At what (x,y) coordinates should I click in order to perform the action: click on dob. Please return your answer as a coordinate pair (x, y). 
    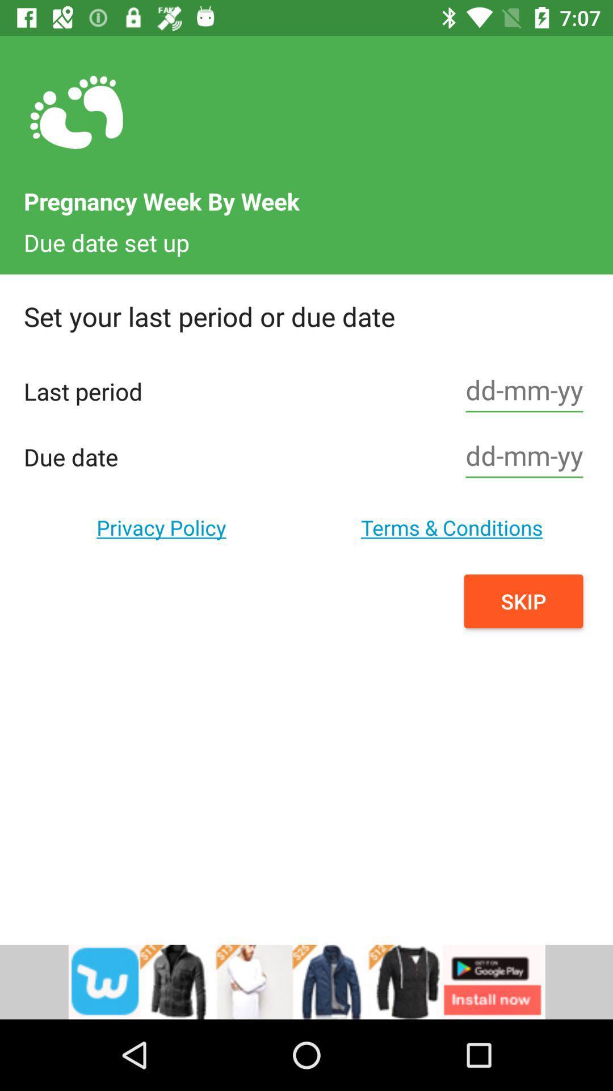
    Looking at the image, I should click on (524, 457).